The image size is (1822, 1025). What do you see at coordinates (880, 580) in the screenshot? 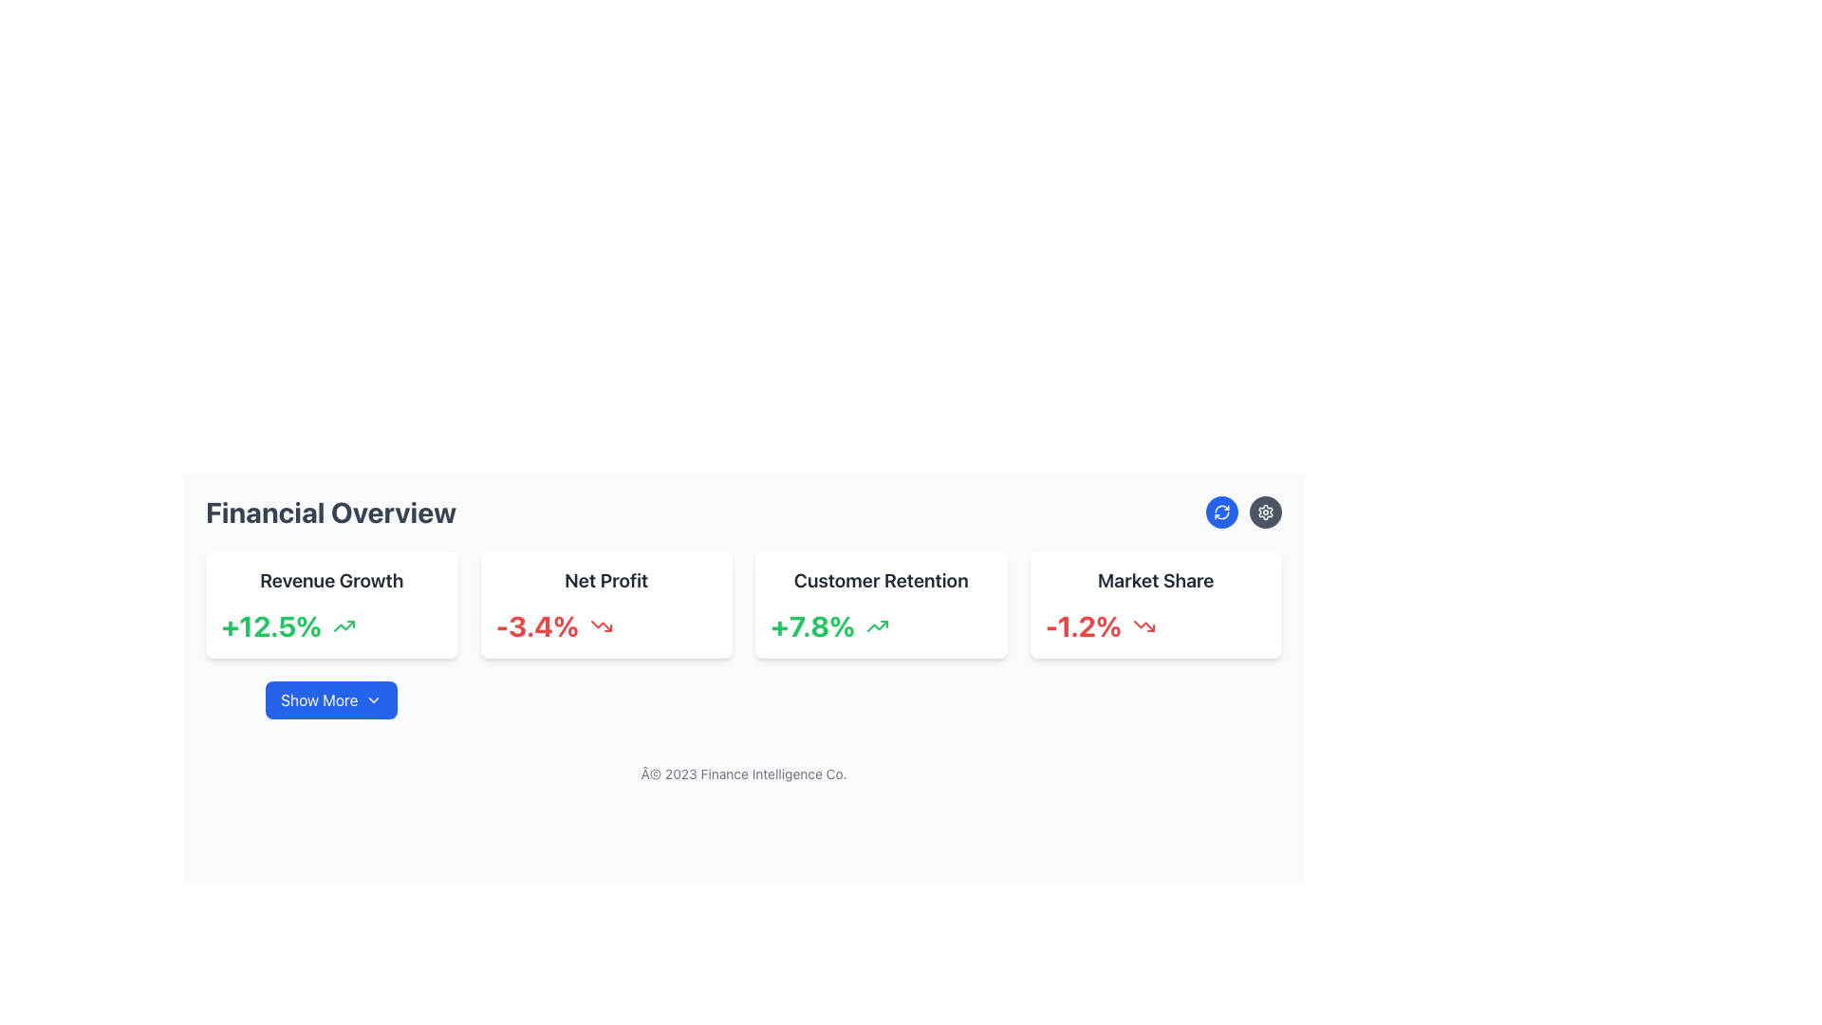
I see `the 'Customer Retention' text label, which is a bold, large-sized dark gray font at the top of the third summary card` at bounding box center [880, 580].